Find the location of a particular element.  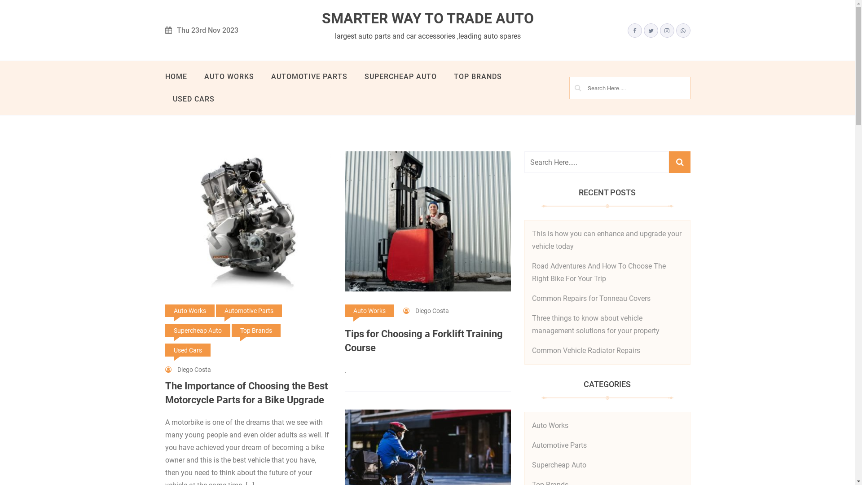

'USED CARS' is located at coordinates (193, 99).